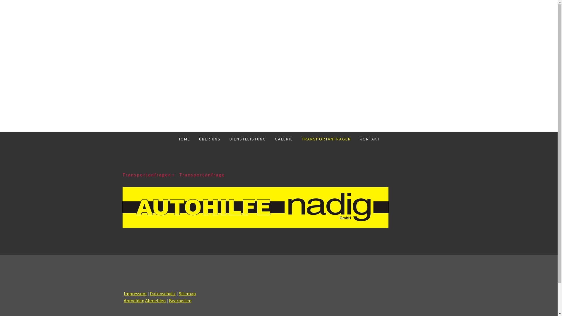 Image resolution: width=562 pixels, height=316 pixels. Describe the element at coordinates (179, 300) in the screenshot. I see `'Bearbeiten'` at that location.